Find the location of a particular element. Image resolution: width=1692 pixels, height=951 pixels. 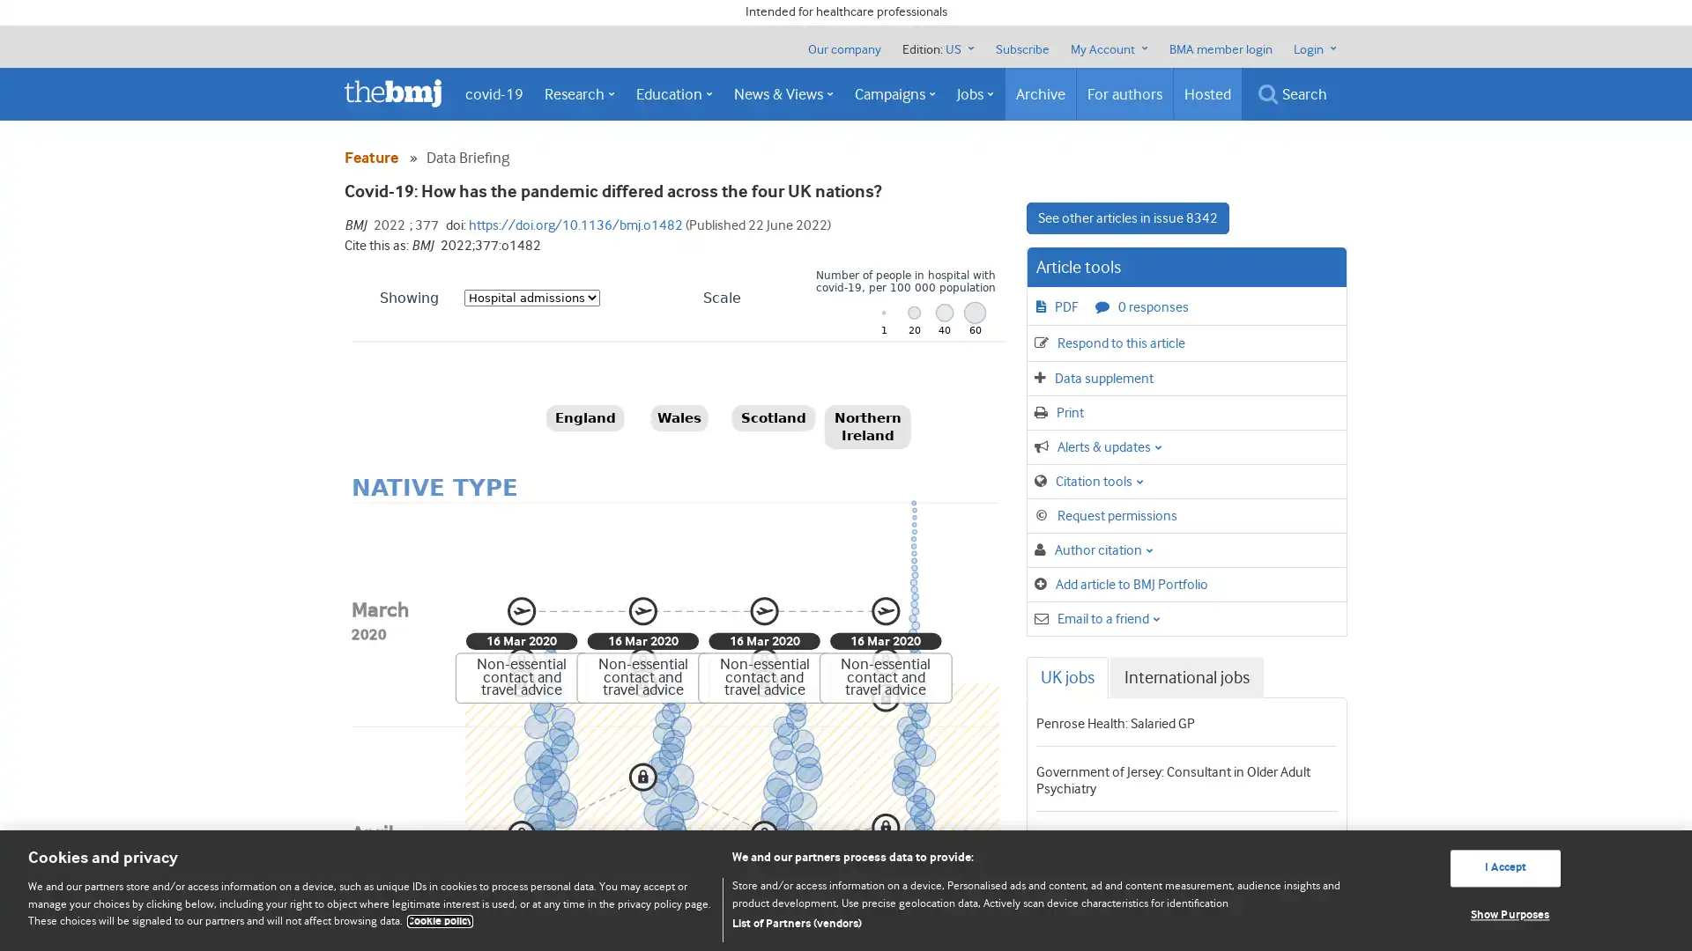

Alerts & updates is located at coordinates (1107, 446).